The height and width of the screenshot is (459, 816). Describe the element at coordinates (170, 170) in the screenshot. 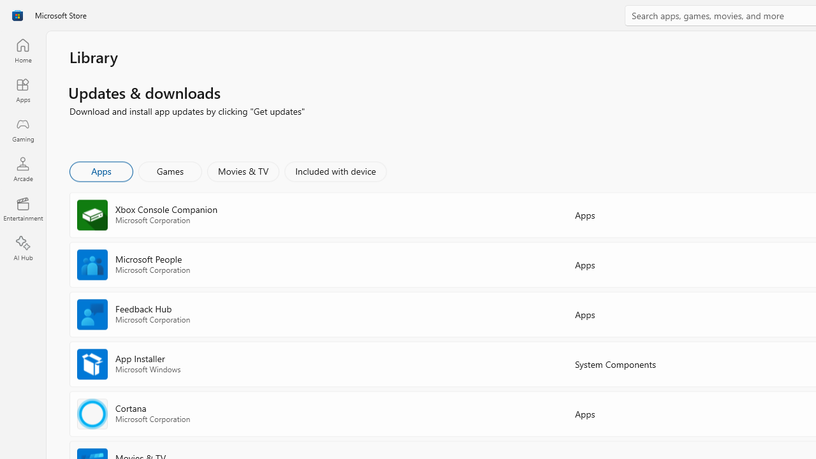

I see `'Games'` at that location.